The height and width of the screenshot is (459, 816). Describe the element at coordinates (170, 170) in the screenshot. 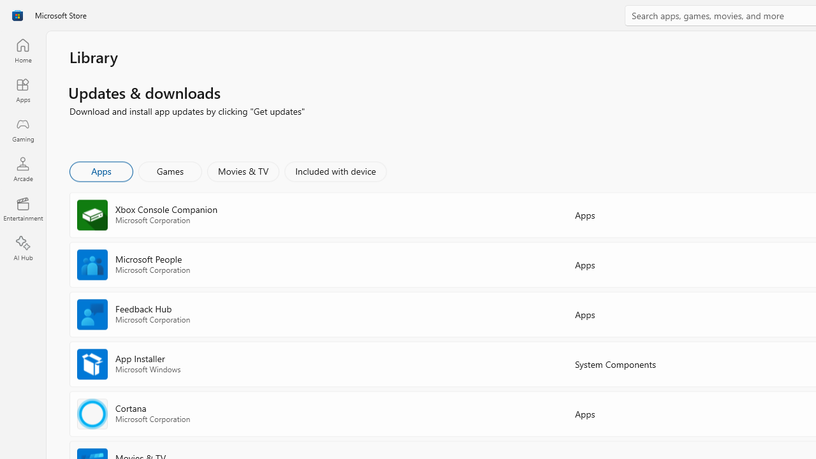

I see `'Games'` at that location.